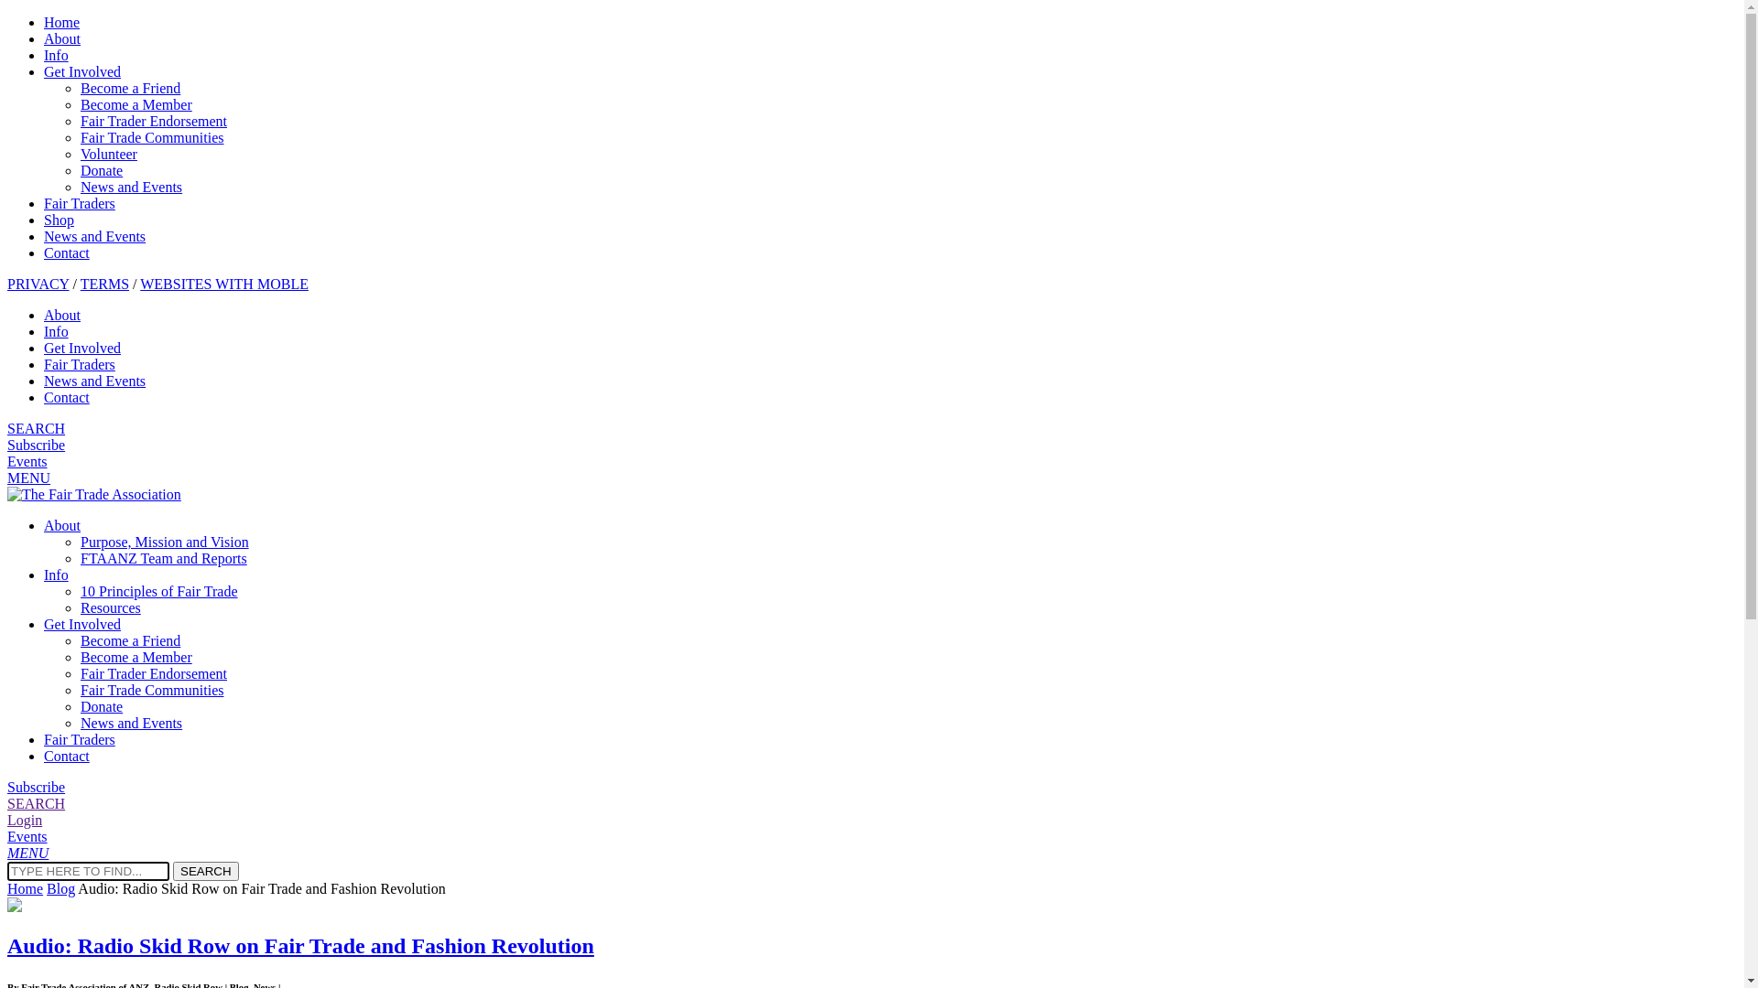  What do you see at coordinates (152, 690) in the screenshot?
I see `'Fair Trade Communities'` at bounding box center [152, 690].